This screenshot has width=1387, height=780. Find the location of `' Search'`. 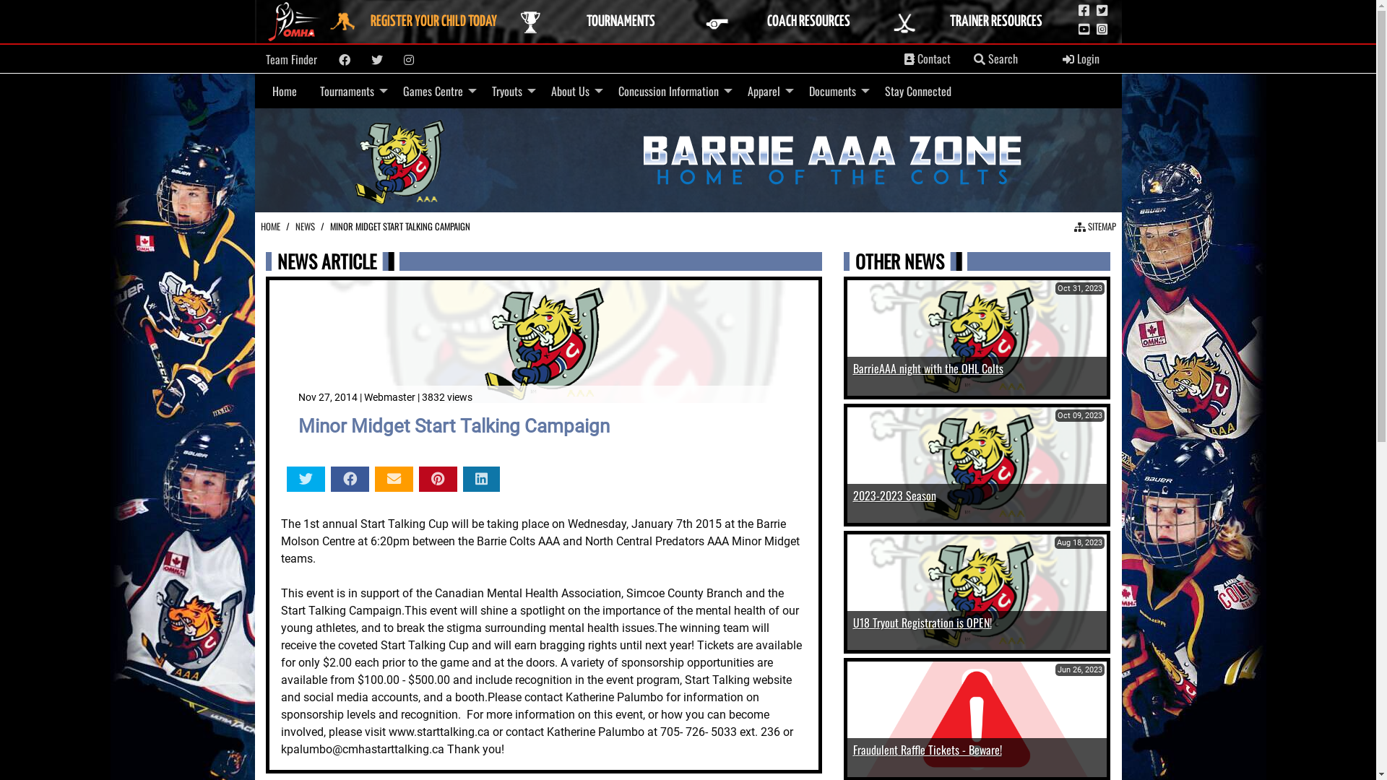

' Search' is located at coordinates (995, 58).